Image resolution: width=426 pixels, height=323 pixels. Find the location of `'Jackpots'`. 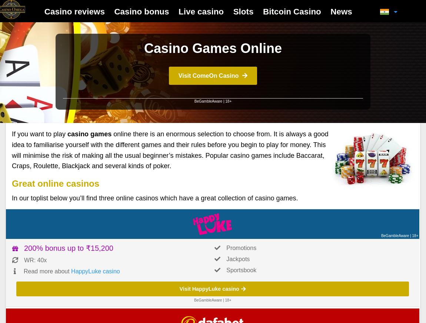

'Jackpots' is located at coordinates (237, 259).